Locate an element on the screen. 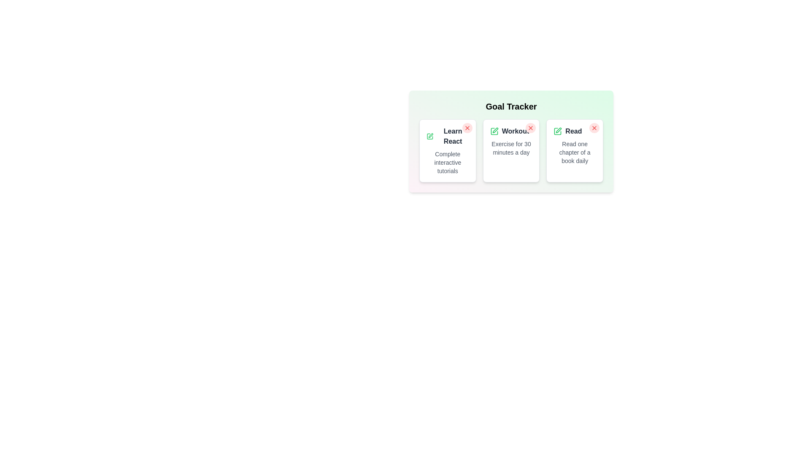  the goal card titled 'Learn React' to view its details is located at coordinates (447, 150).